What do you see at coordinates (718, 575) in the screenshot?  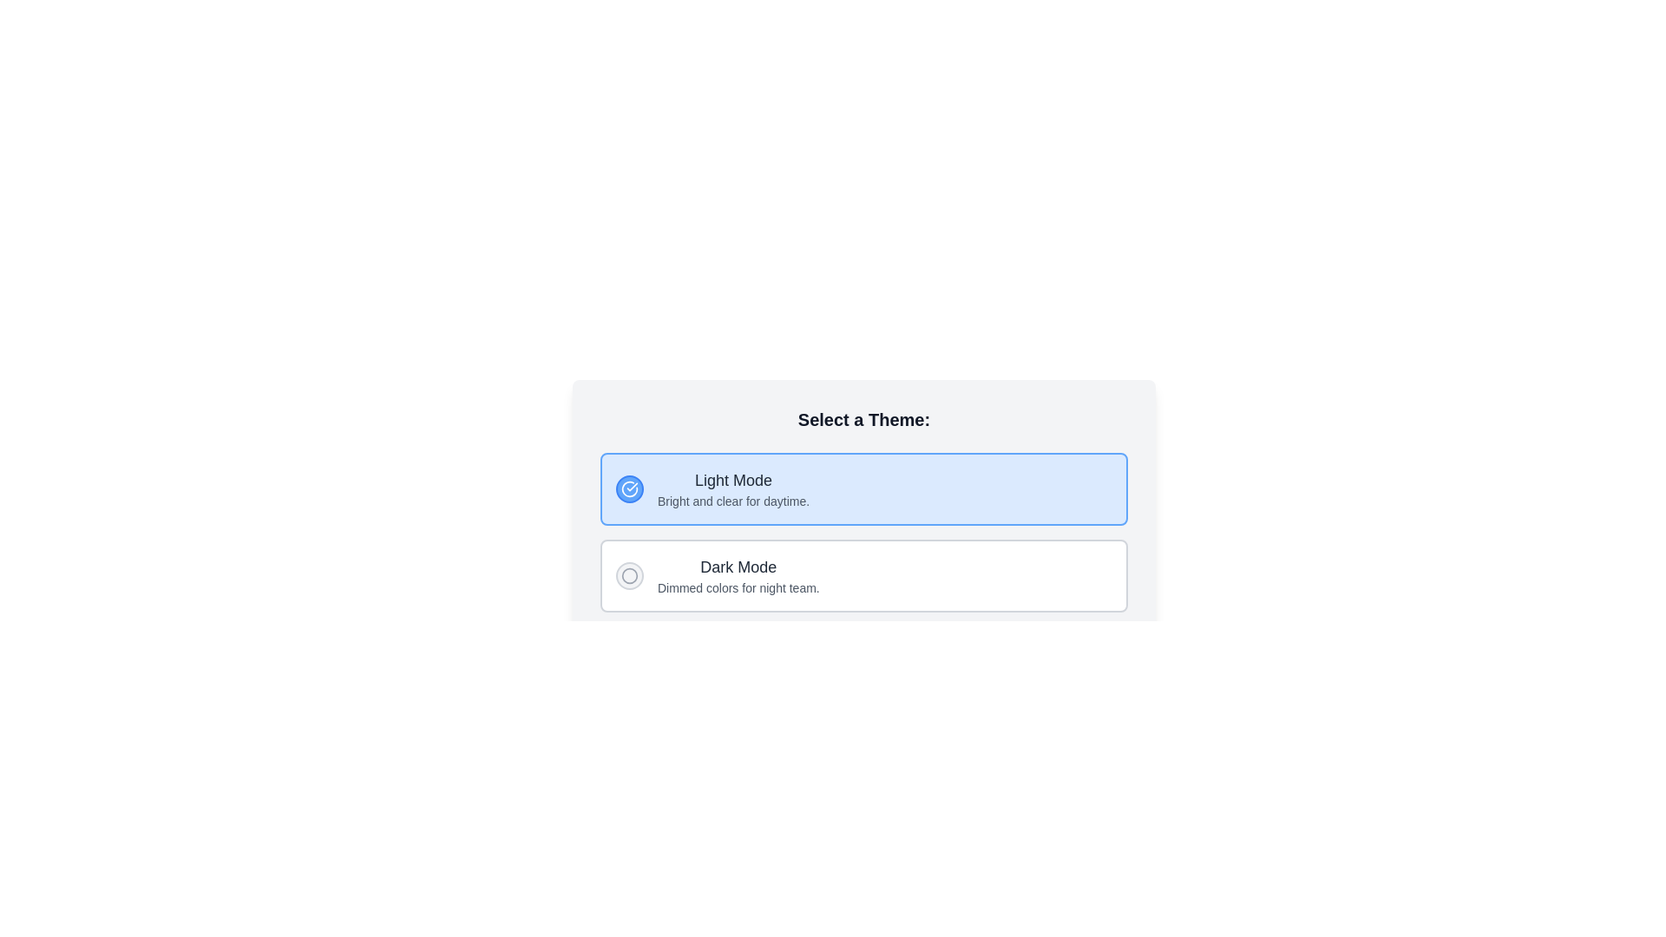 I see `the 'Dark Mode' option in the 'Select a Theme' layout, which is located below the 'Light Mode' option and features an icon on the left with text on the right` at bounding box center [718, 575].